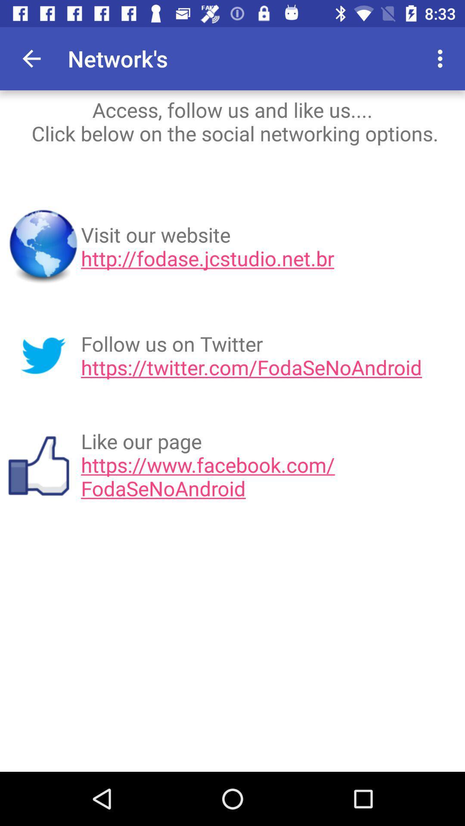 The height and width of the screenshot is (826, 465). I want to click on item next to network's app, so click(31, 58).